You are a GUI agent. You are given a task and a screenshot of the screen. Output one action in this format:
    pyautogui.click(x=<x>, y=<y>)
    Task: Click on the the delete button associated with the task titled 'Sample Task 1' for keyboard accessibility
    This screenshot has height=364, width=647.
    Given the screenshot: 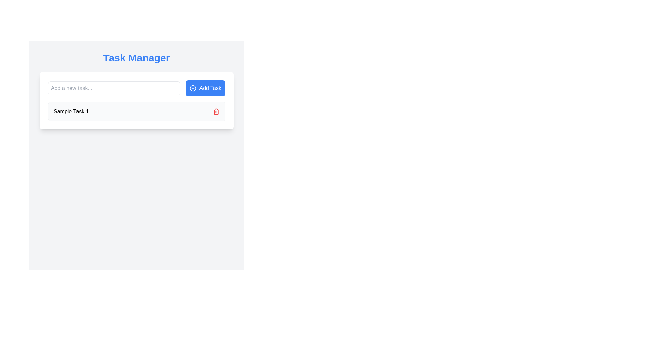 What is the action you would take?
    pyautogui.click(x=216, y=111)
    